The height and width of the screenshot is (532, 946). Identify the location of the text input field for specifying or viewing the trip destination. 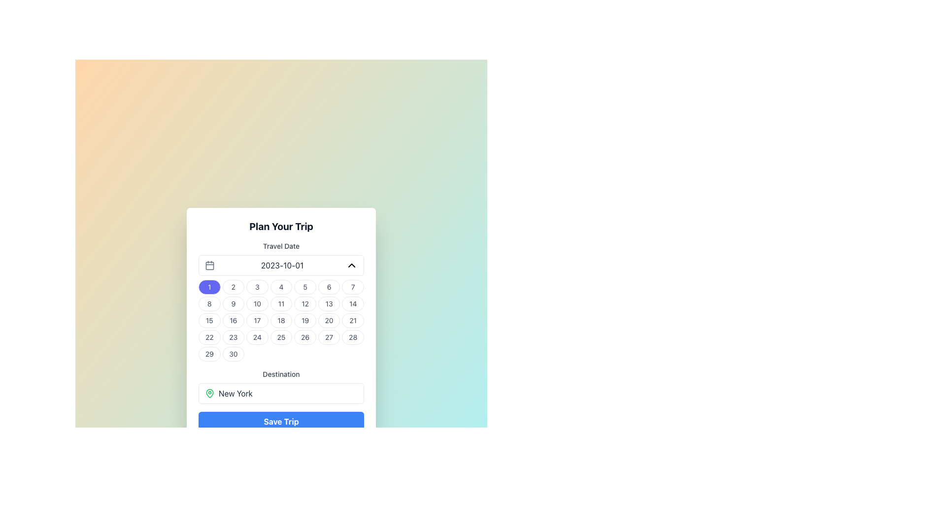
(281, 386).